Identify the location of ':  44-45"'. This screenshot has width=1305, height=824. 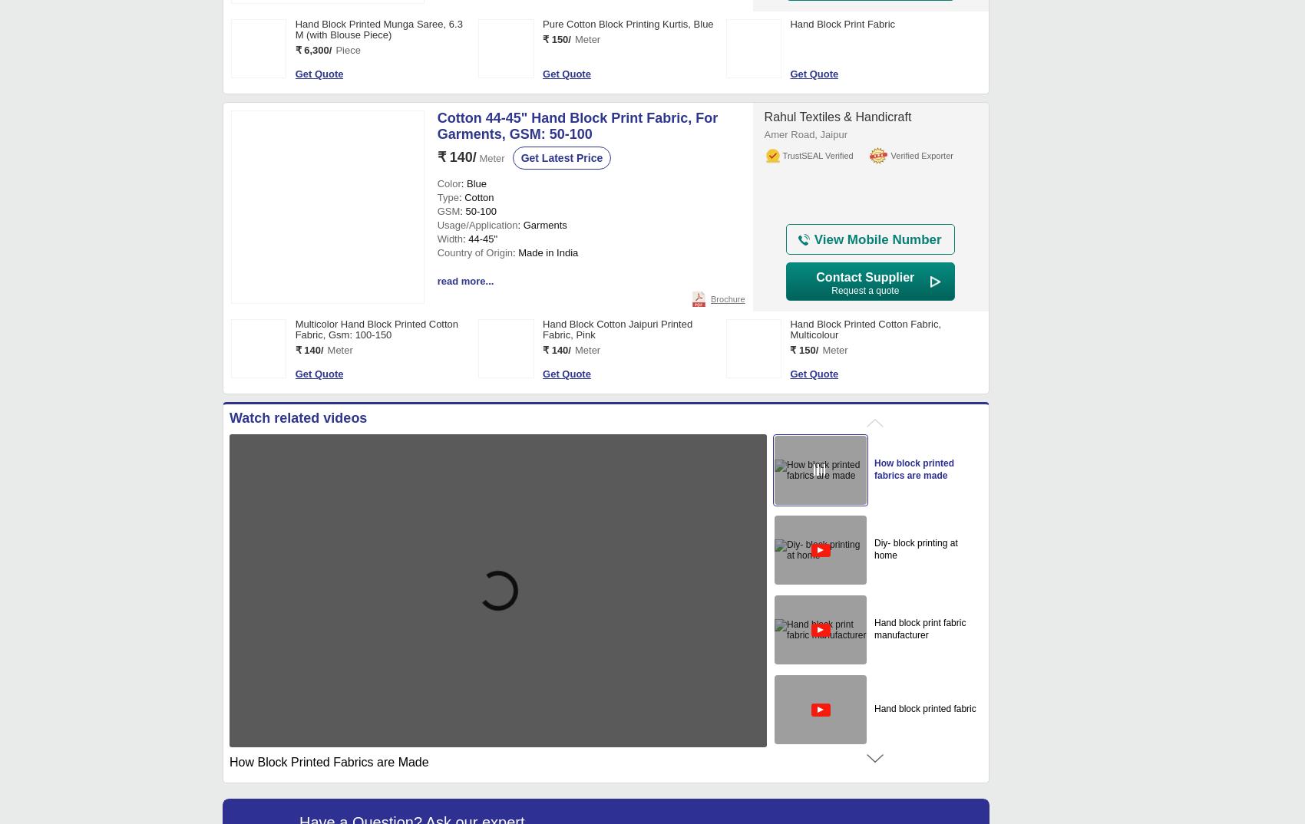
(478, 239).